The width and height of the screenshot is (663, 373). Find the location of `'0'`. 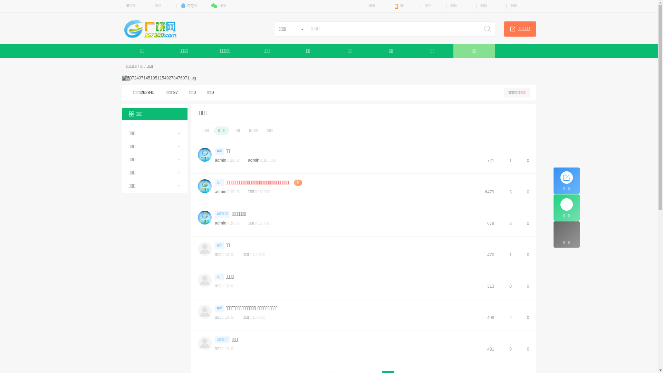

'0' is located at coordinates (520, 318).